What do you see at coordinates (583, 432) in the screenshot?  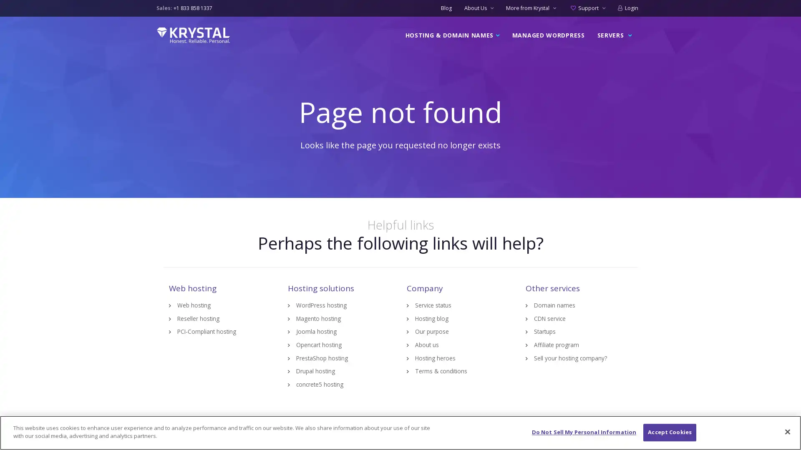 I see `Do Not Sell My Personal Information` at bounding box center [583, 432].